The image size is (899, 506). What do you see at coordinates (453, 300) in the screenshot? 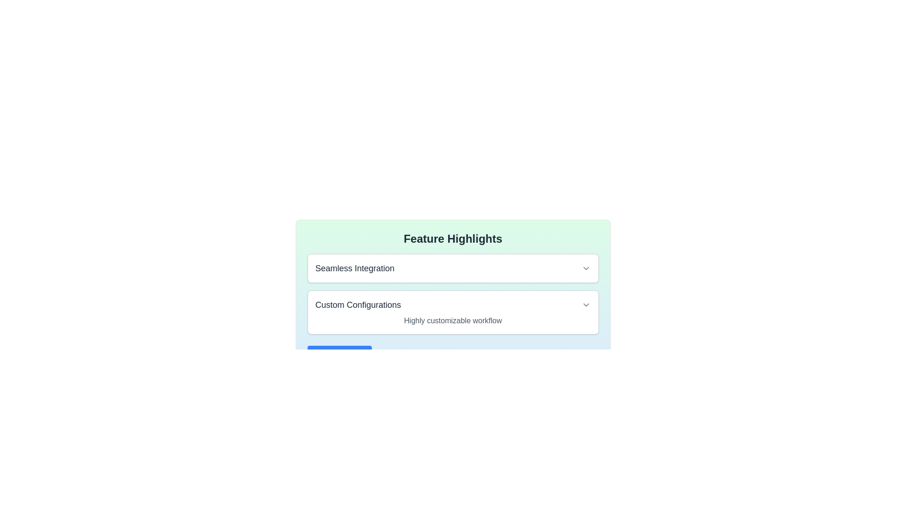
I see `the dropdown arrow in the 'Custom Configurations' expandable panel` at bounding box center [453, 300].